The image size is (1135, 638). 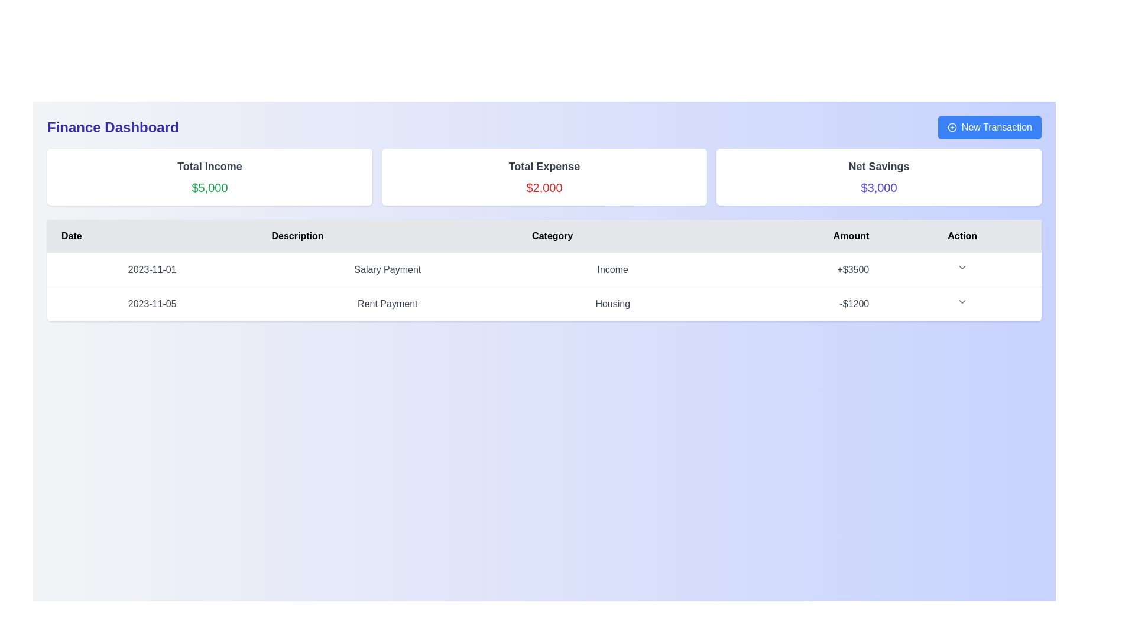 What do you see at coordinates (544, 269) in the screenshot?
I see `the first row of the data table` at bounding box center [544, 269].